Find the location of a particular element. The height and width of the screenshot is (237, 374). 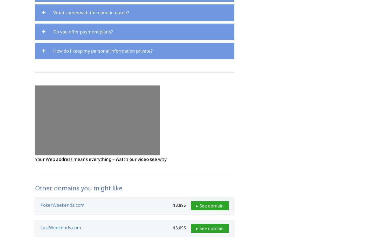

'How do I keep my personal information private?' is located at coordinates (53, 50).